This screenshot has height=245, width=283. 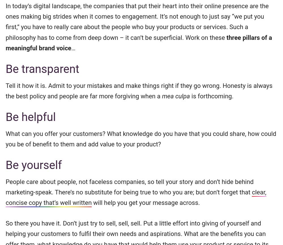 What do you see at coordinates (6, 21) in the screenshot?
I see `'In today’s digital landscape, the companies that put their heart into their online presence are the ones making big strides when it comes to engagement. It’s not enough to just say “we put you first,” you have to really care about the people who buy your products or services. Such a philosophy has to come from deep down – it can’t be superficial. Work on these'` at bounding box center [6, 21].